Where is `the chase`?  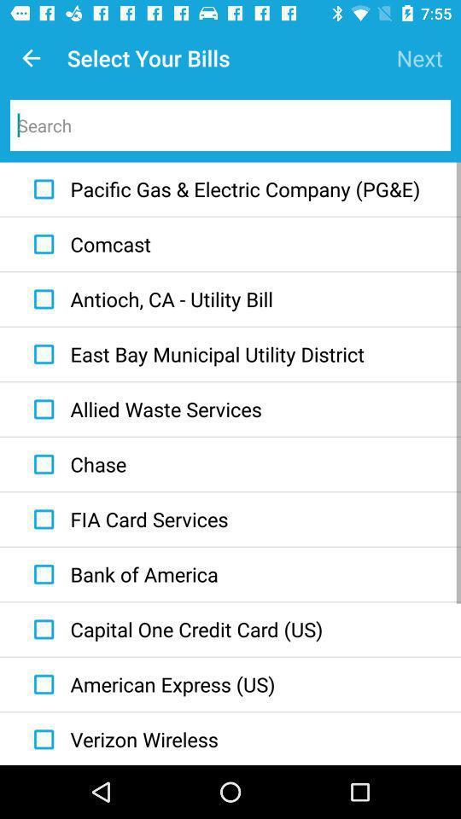
the chase is located at coordinates (75, 464).